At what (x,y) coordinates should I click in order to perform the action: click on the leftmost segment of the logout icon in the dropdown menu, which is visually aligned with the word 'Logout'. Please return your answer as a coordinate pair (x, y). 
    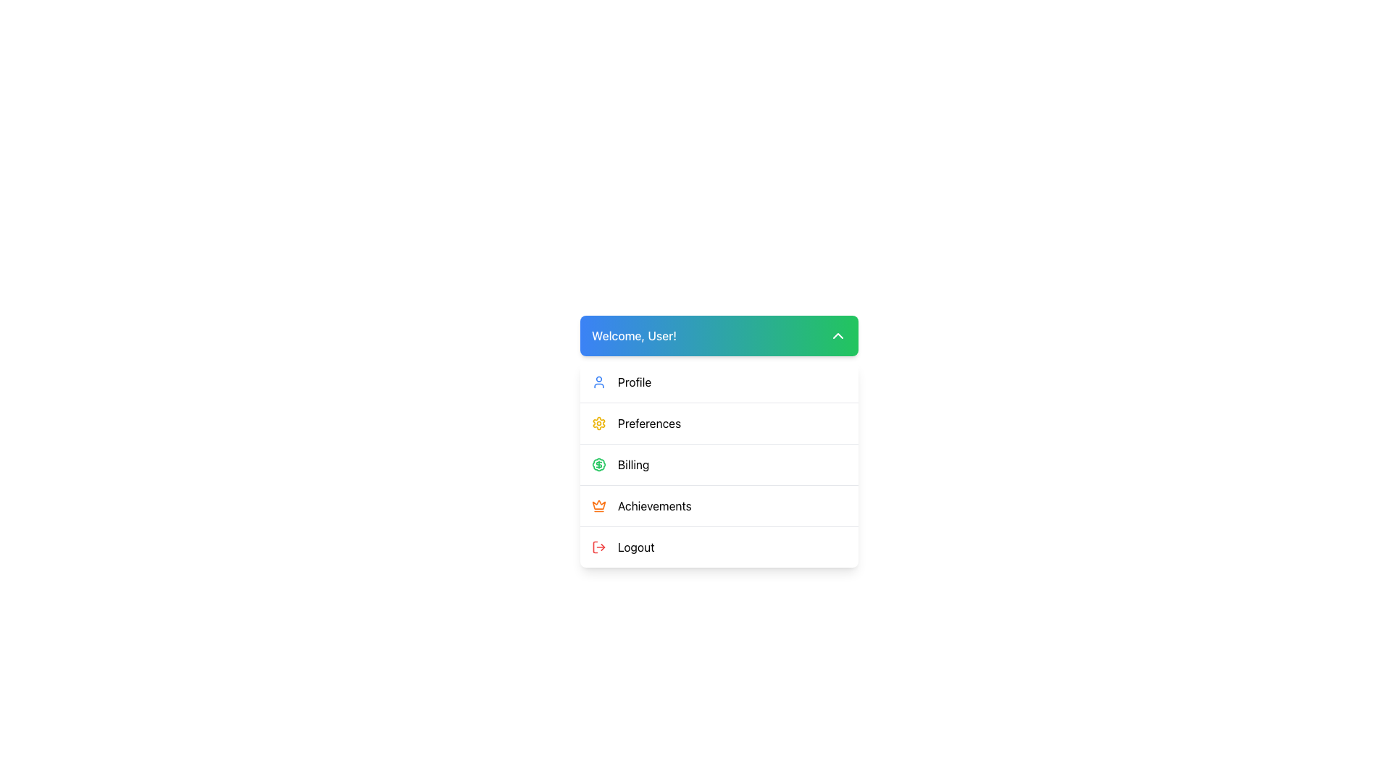
    Looking at the image, I should click on (595, 547).